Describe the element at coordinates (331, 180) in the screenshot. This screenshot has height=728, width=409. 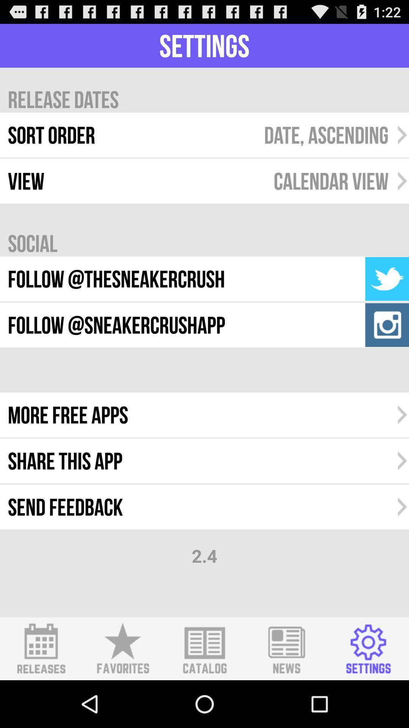
I see `app above the social item` at that location.